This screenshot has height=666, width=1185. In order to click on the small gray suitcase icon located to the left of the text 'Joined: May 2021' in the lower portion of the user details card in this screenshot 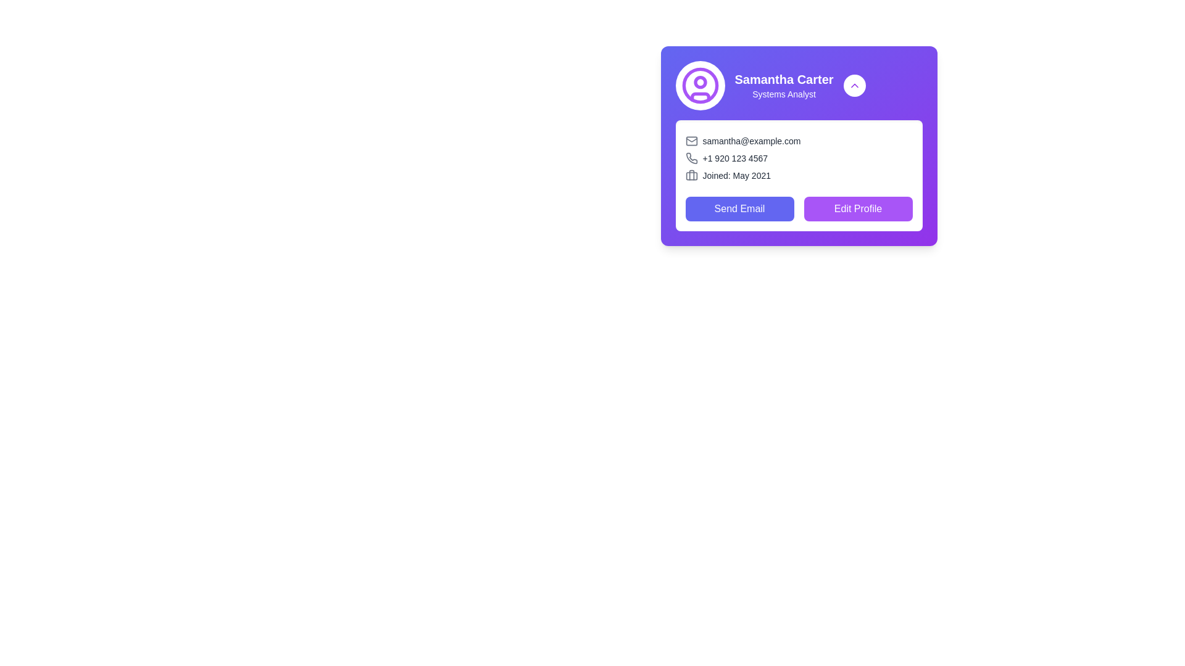, I will do `click(691, 176)`.